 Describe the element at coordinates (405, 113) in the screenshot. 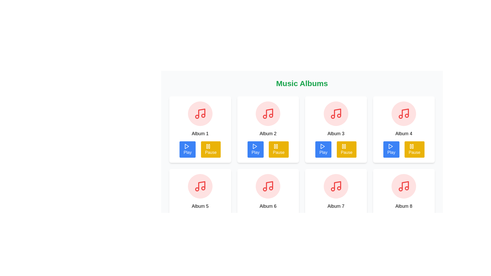

I see `the vertical stem of the musical note icon within the 'Album 4' card located at the center-top of the album grid` at that location.